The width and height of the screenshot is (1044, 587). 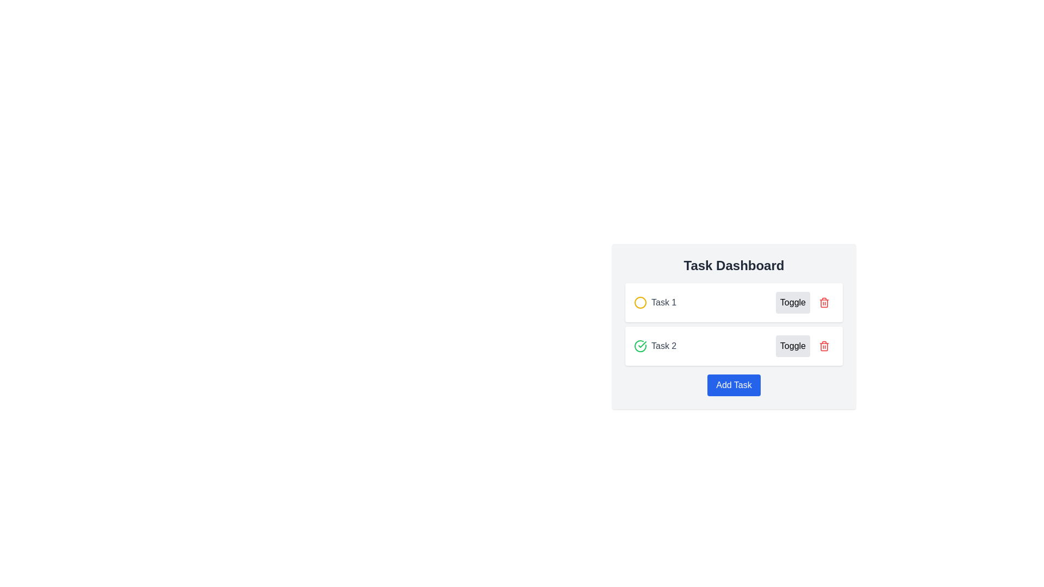 What do you see at coordinates (793, 346) in the screenshot?
I see `the 'Toggle' button, which is a rectangular button with a light gray background and rounded edges located in the second row of the 'Task Dashboard'` at bounding box center [793, 346].